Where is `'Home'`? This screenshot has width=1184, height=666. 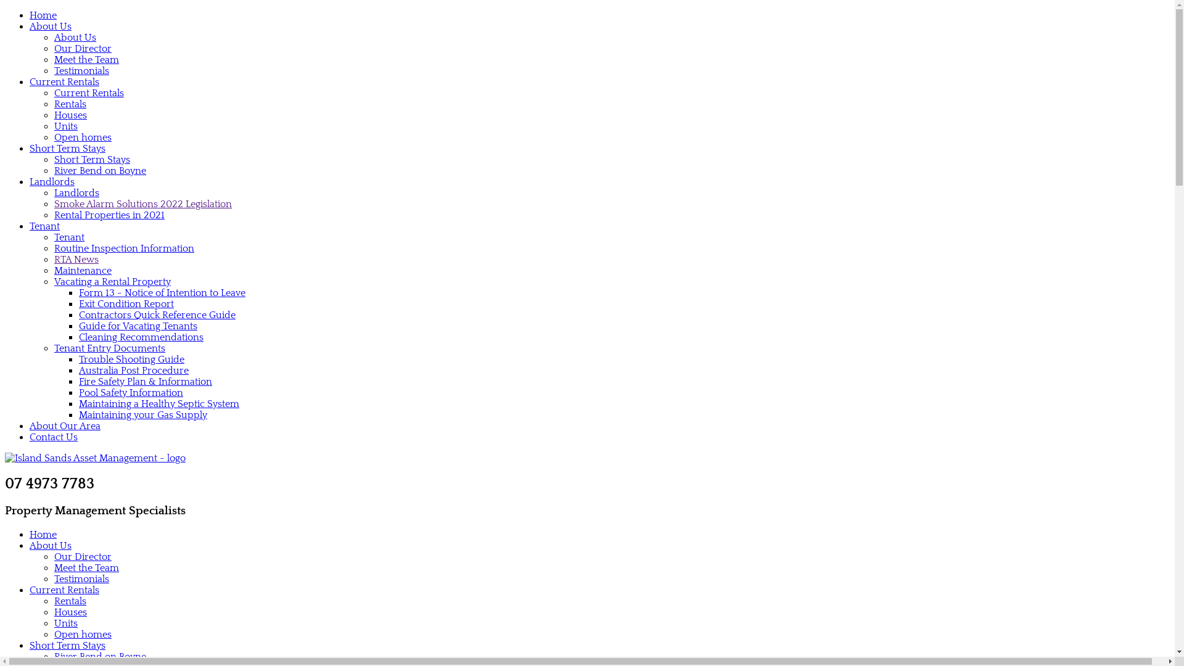 'Home' is located at coordinates (43, 534).